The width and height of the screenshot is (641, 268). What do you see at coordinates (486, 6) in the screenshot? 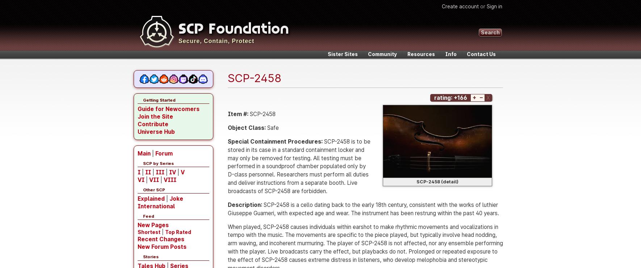
I see `'Sign in'` at bounding box center [486, 6].